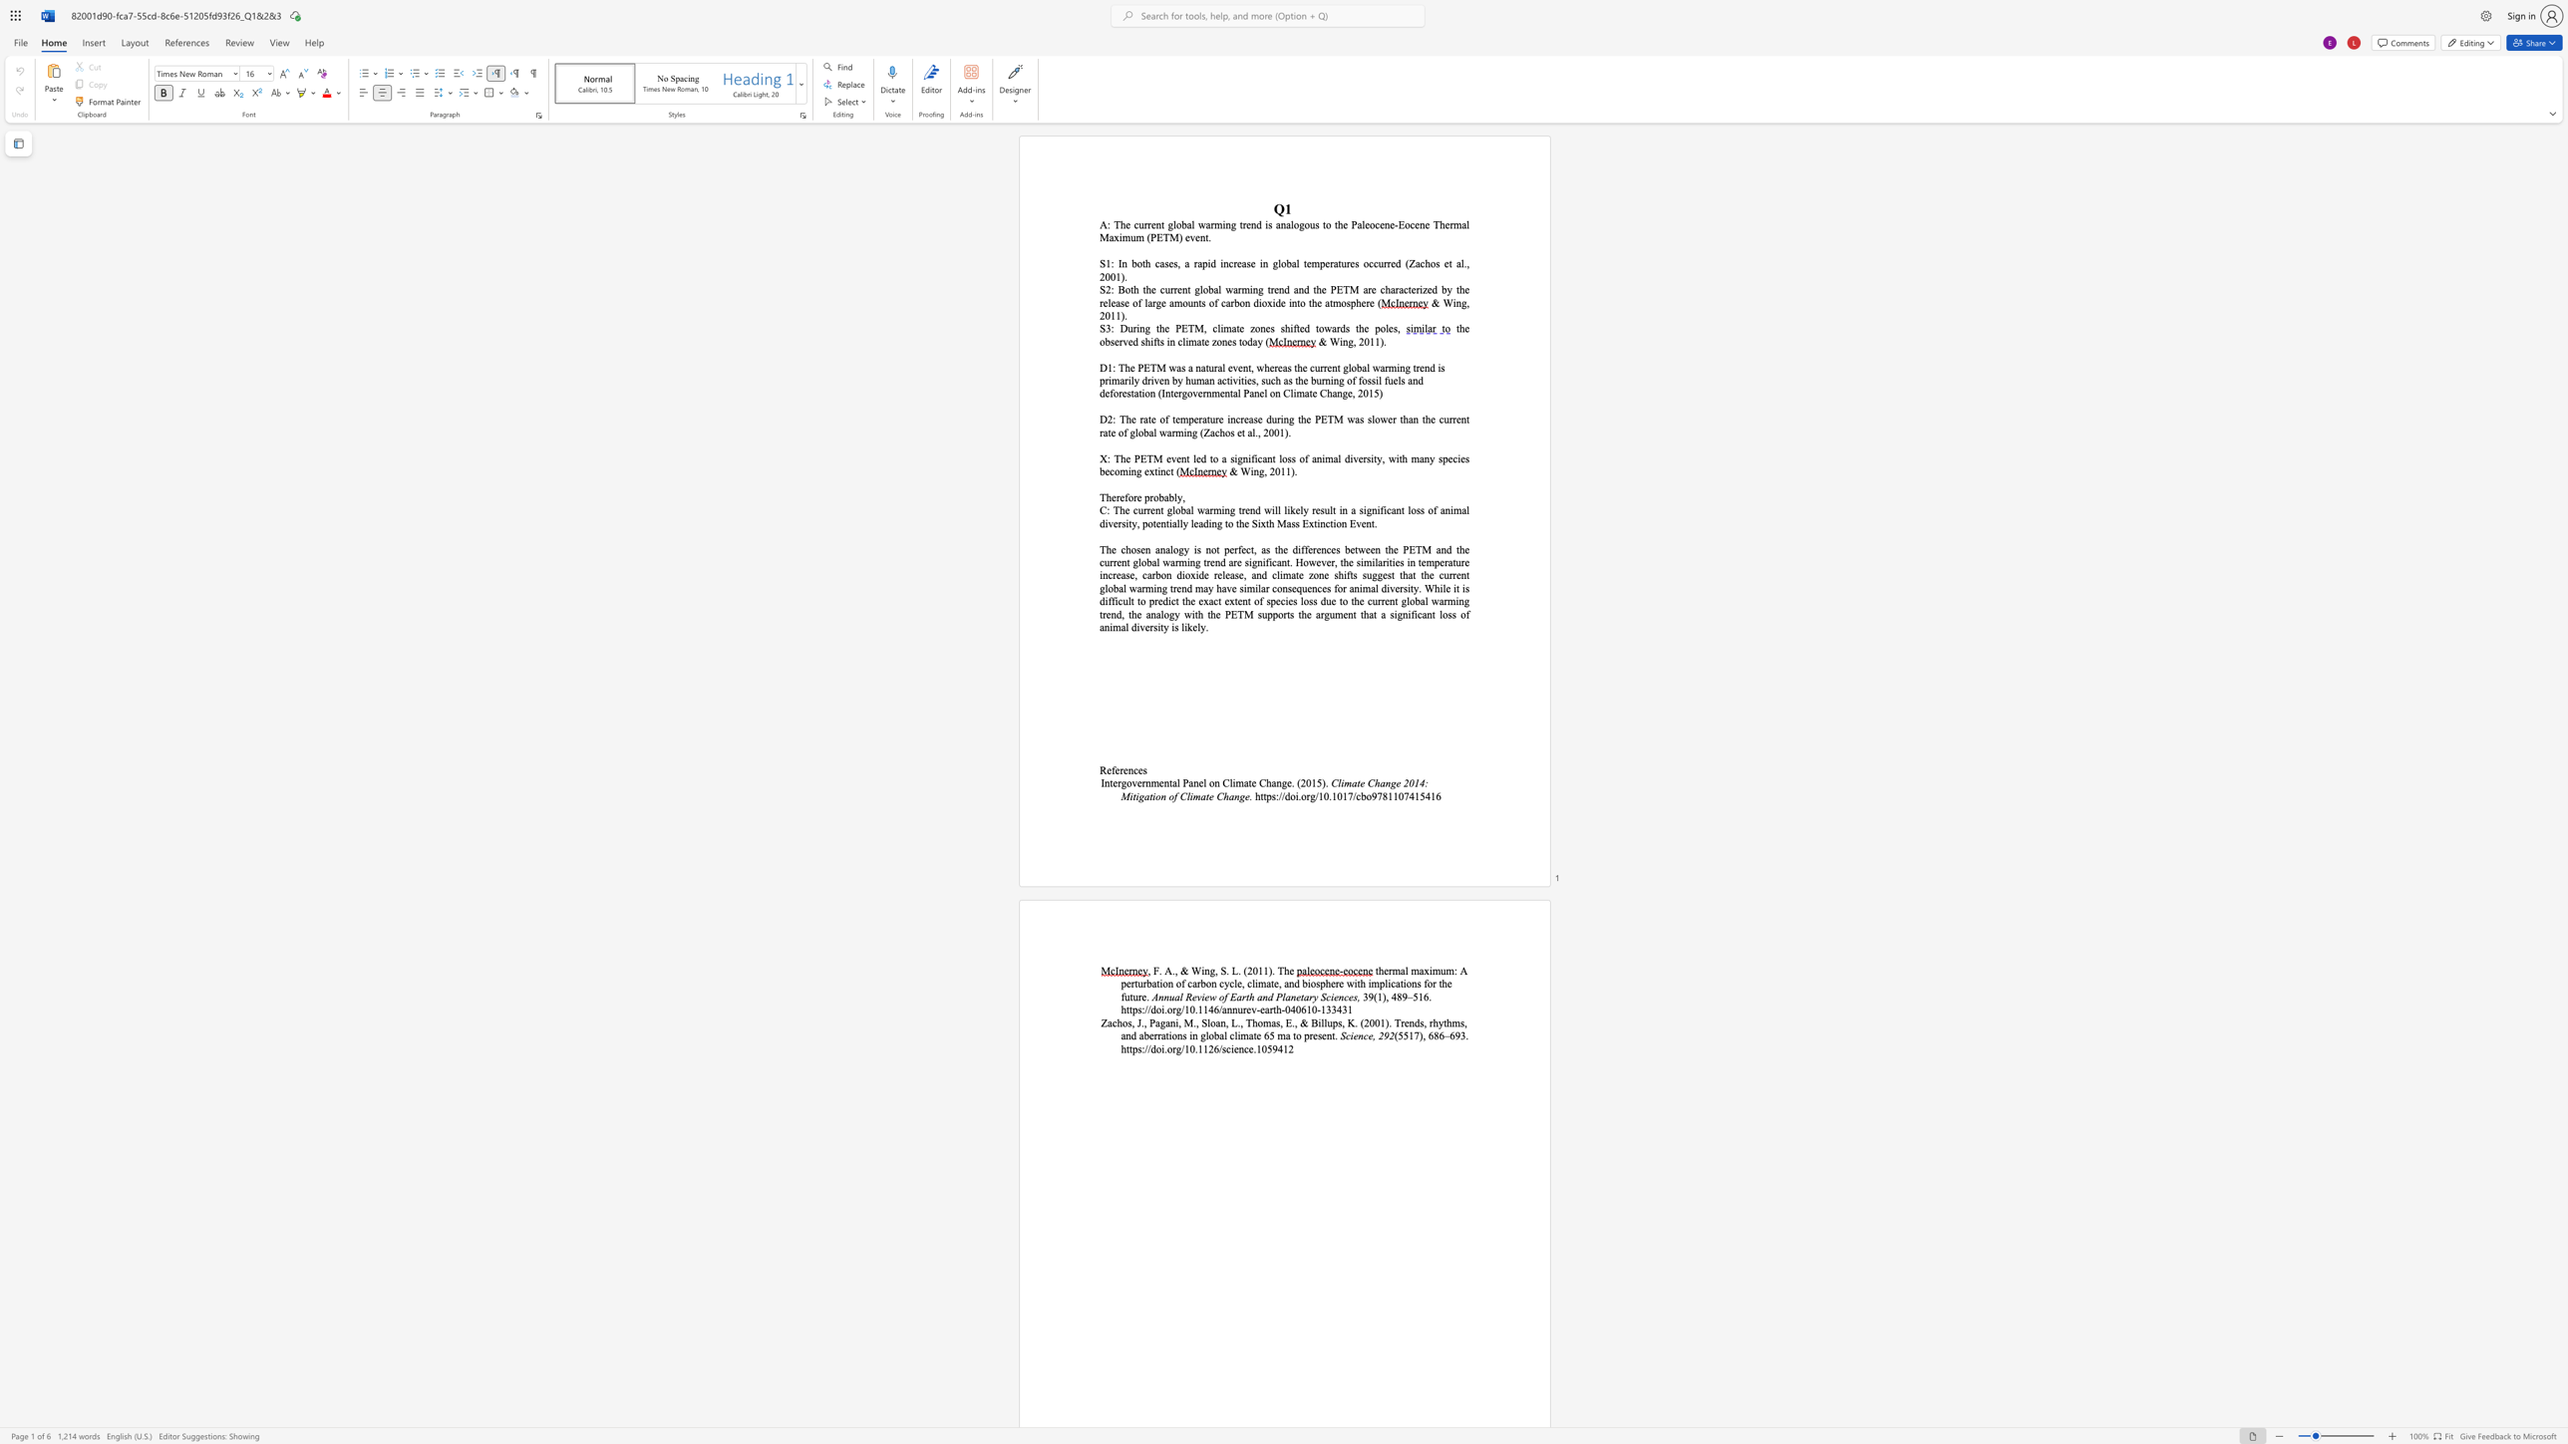 The height and width of the screenshot is (1444, 2568). I want to click on the subset text "ts" within the text "large amounts", so click(1197, 302).